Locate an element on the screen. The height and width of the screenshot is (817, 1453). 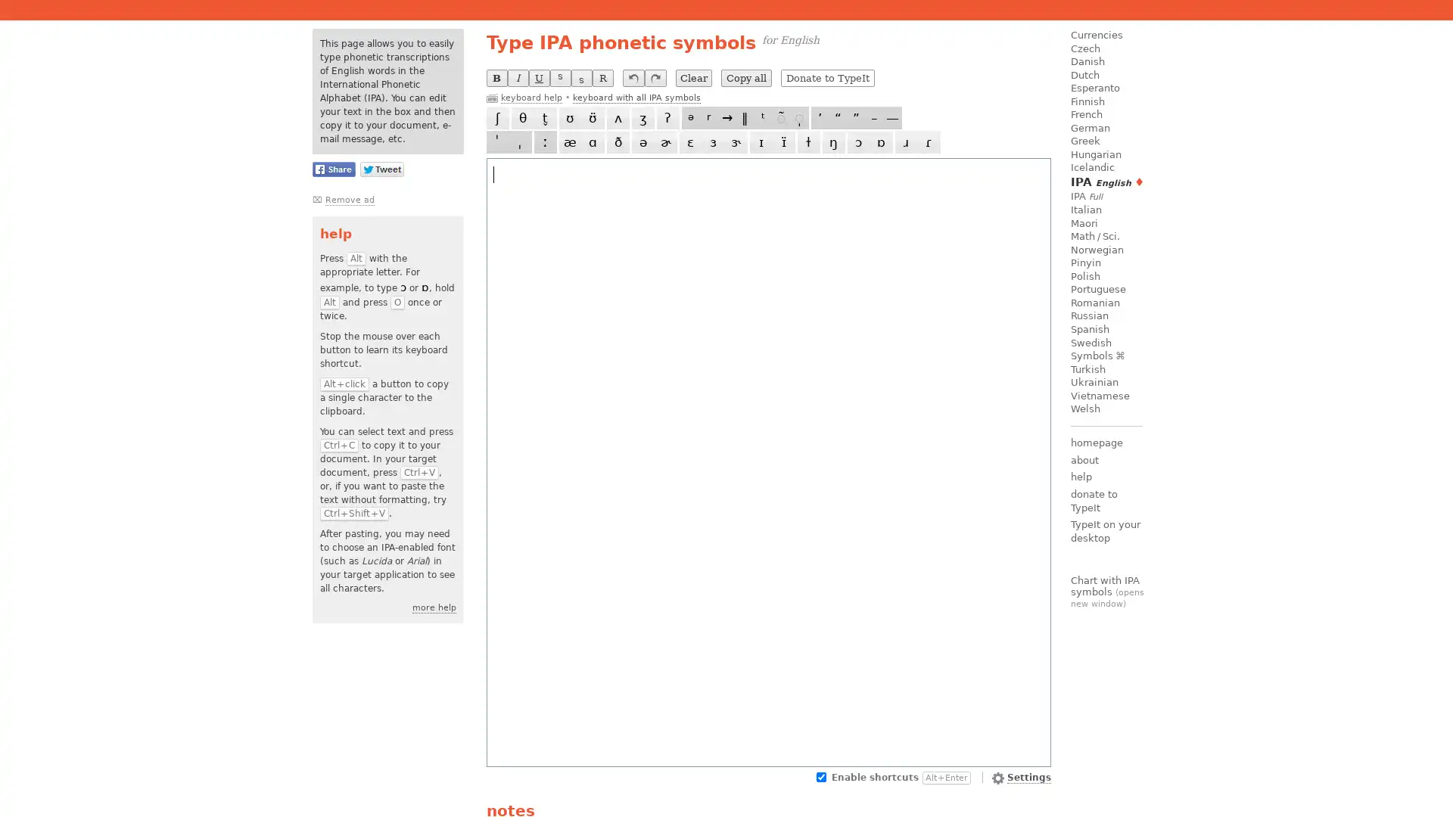
Alt+. [period] / Alt+; / Alt+Shift+F is located at coordinates (545, 141).